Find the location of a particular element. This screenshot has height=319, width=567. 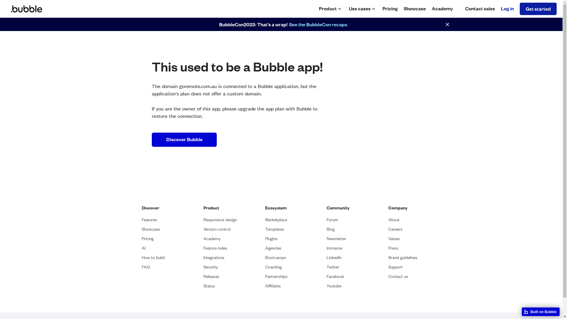

'Values' is located at coordinates (394, 238).